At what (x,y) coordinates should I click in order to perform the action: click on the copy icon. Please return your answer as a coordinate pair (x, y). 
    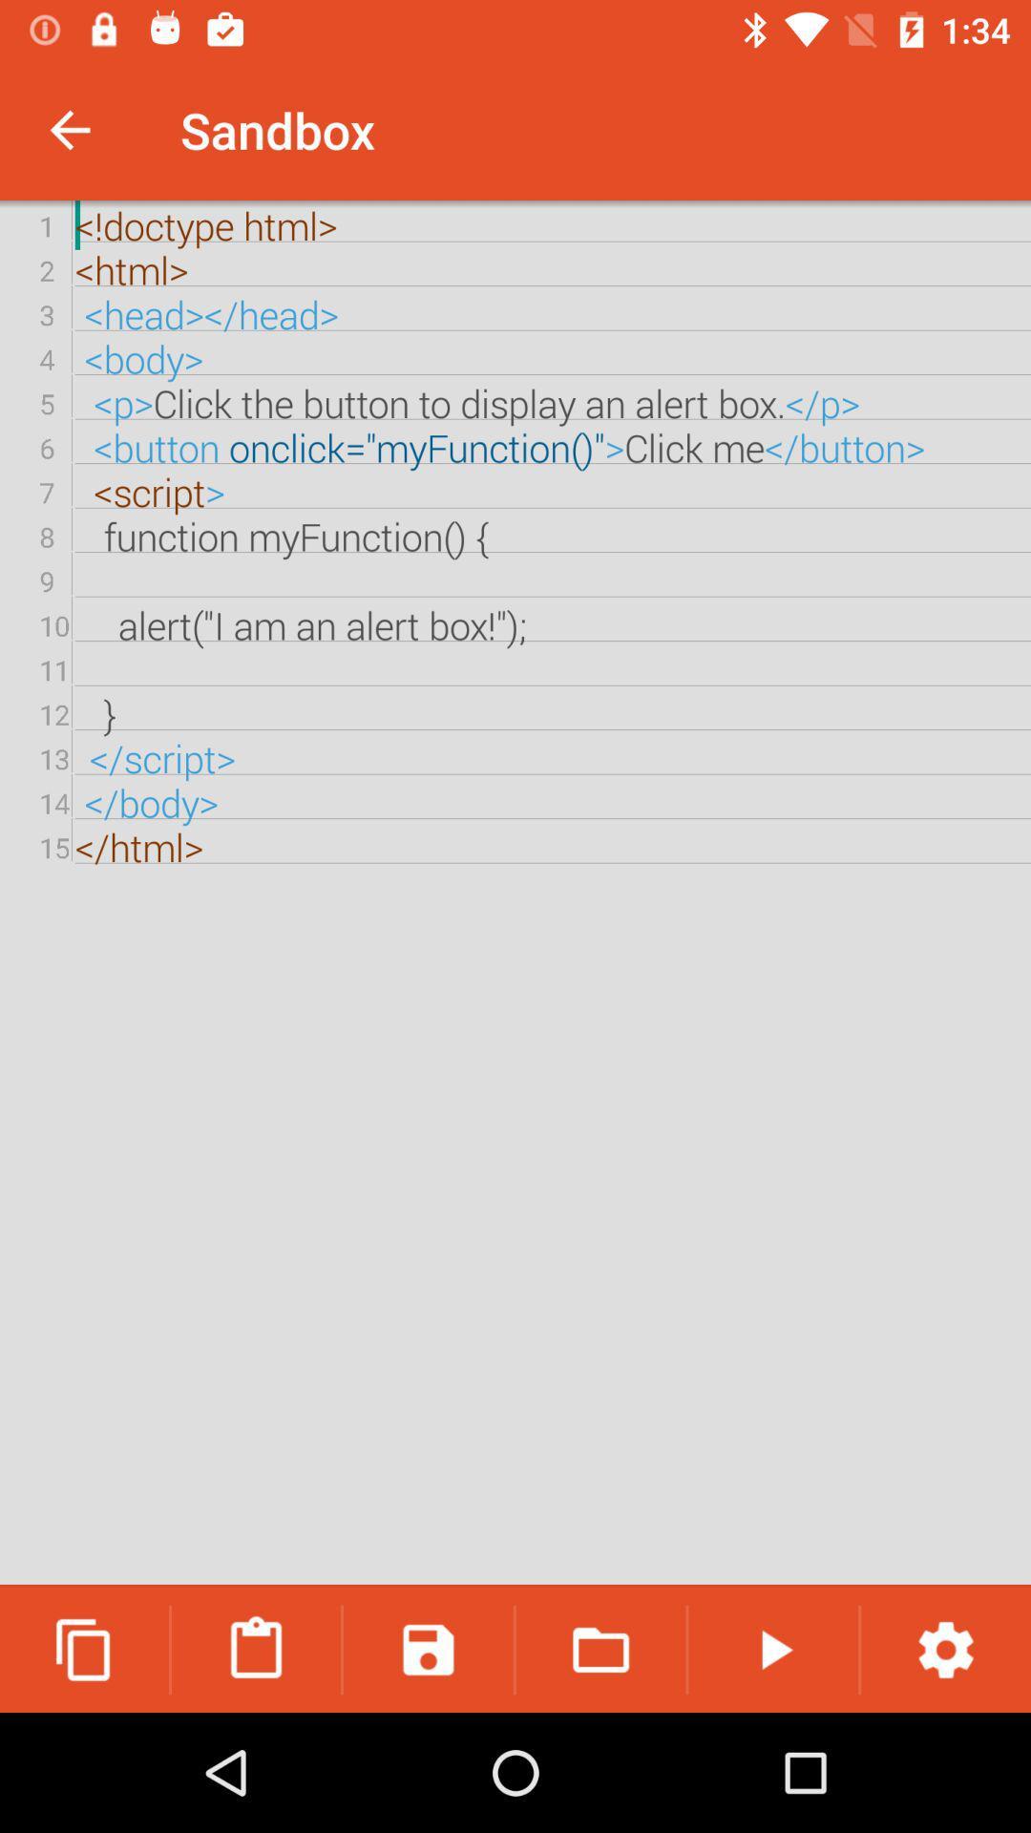
    Looking at the image, I should click on (83, 1649).